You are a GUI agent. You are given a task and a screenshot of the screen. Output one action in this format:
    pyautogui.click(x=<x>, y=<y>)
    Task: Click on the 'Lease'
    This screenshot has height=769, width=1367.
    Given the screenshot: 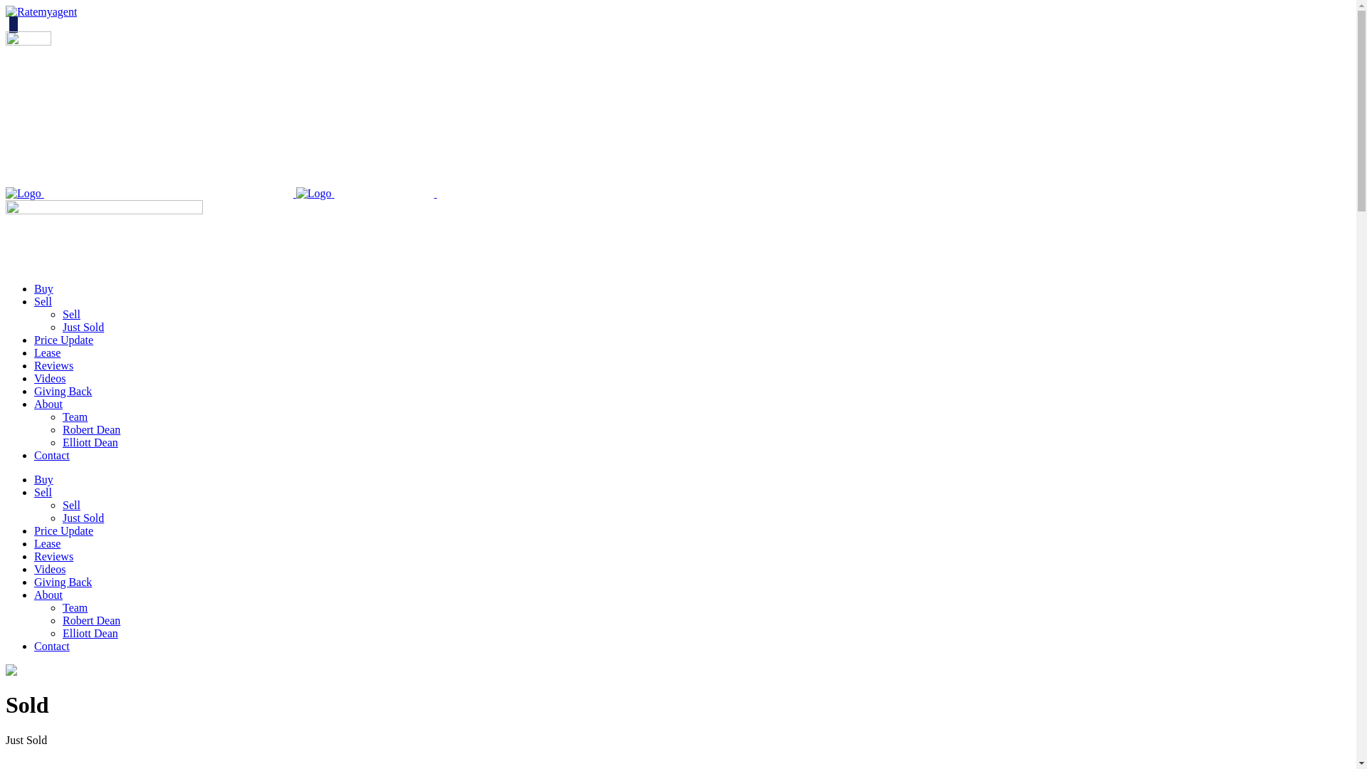 What is the action you would take?
    pyautogui.click(x=47, y=543)
    